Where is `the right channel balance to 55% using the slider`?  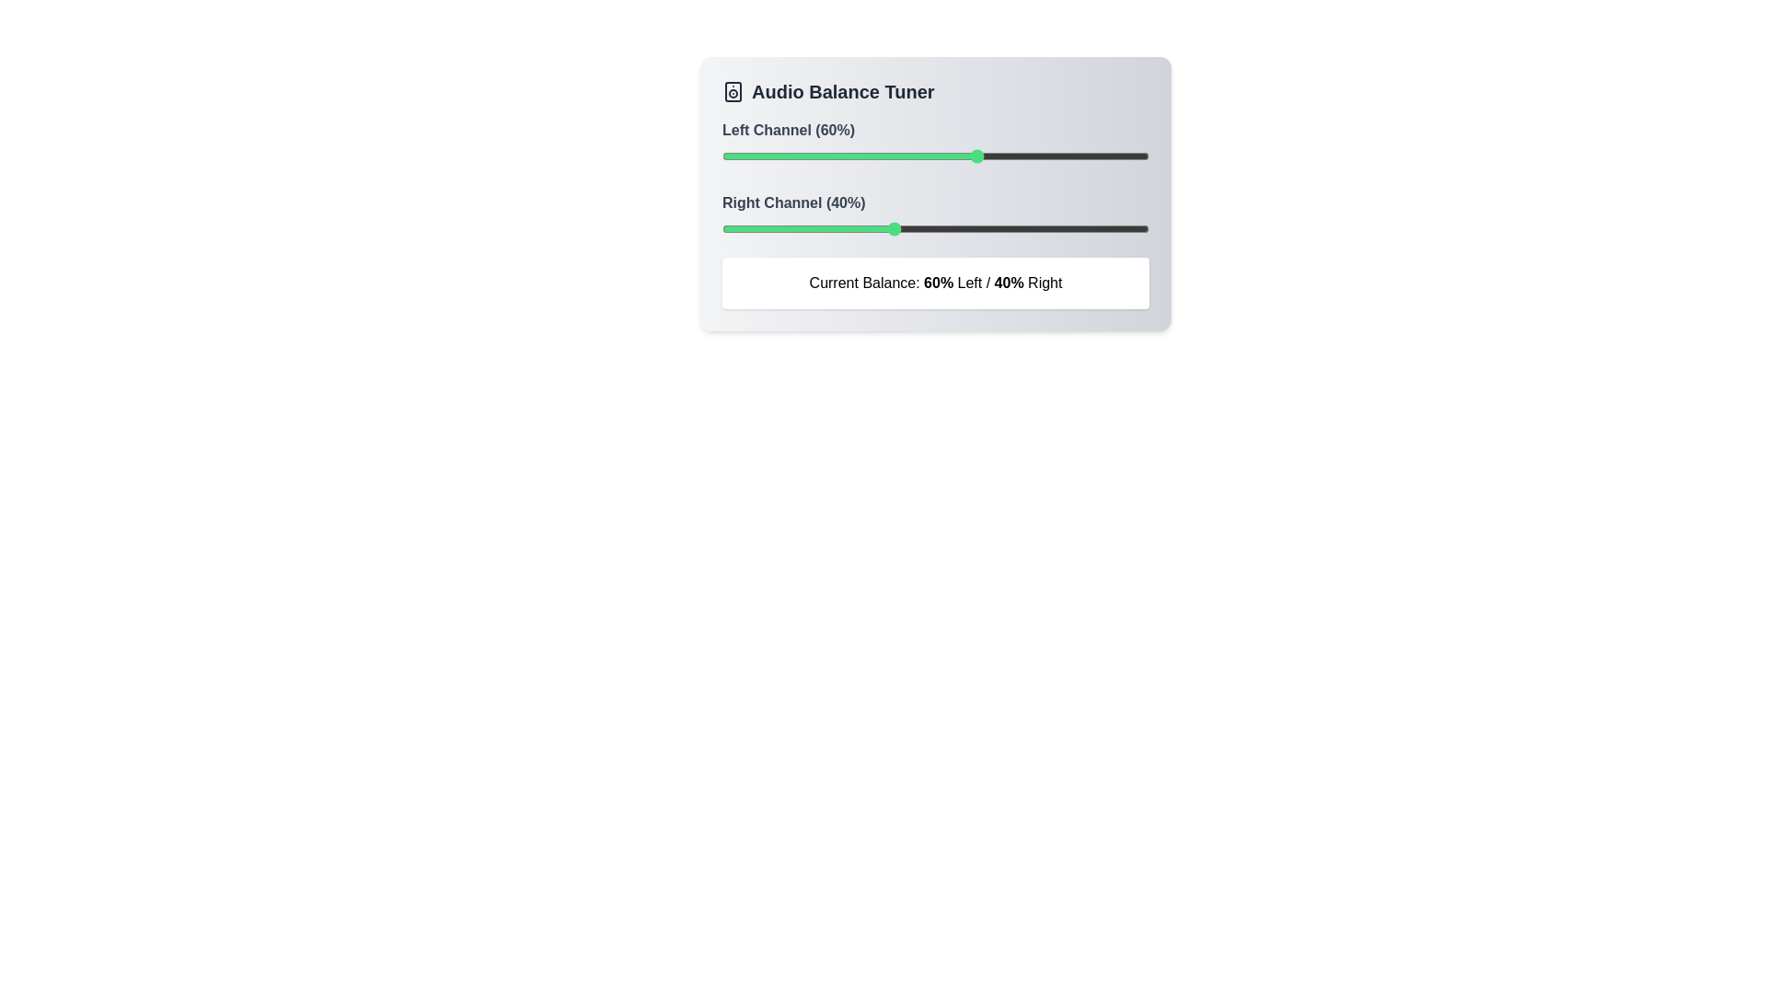 the right channel balance to 55% using the slider is located at coordinates (957, 228).